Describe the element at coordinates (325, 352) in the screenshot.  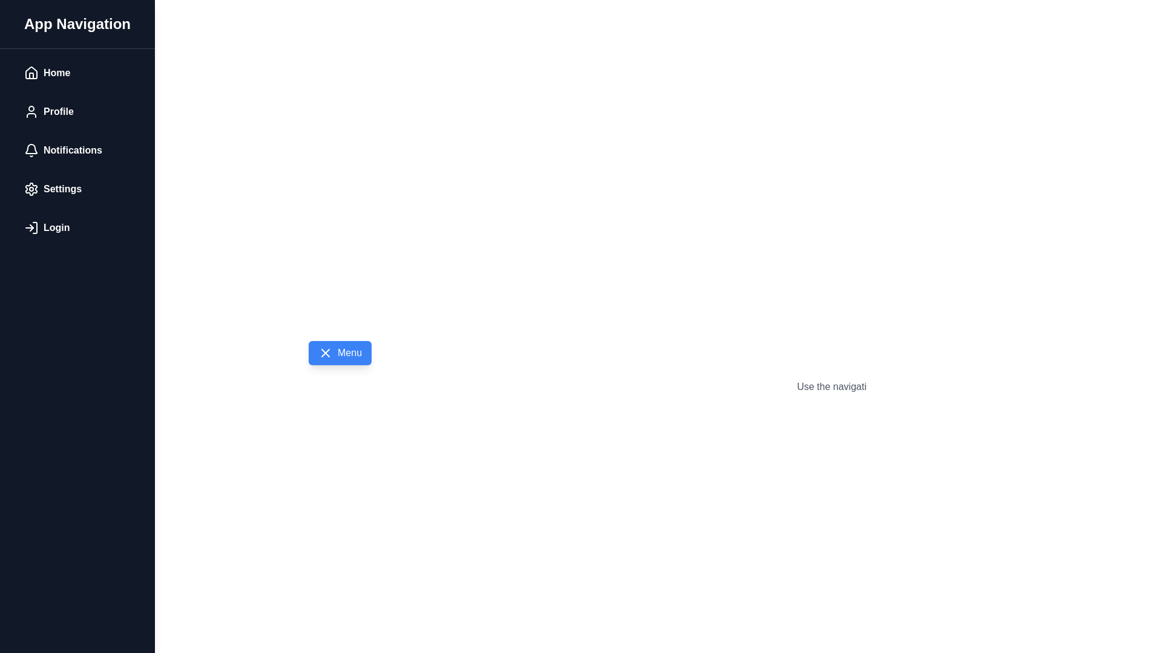
I see `the diagonal cross-shaped icon embedded in the 'Menu' button, which is part of the SVG graphic` at that location.